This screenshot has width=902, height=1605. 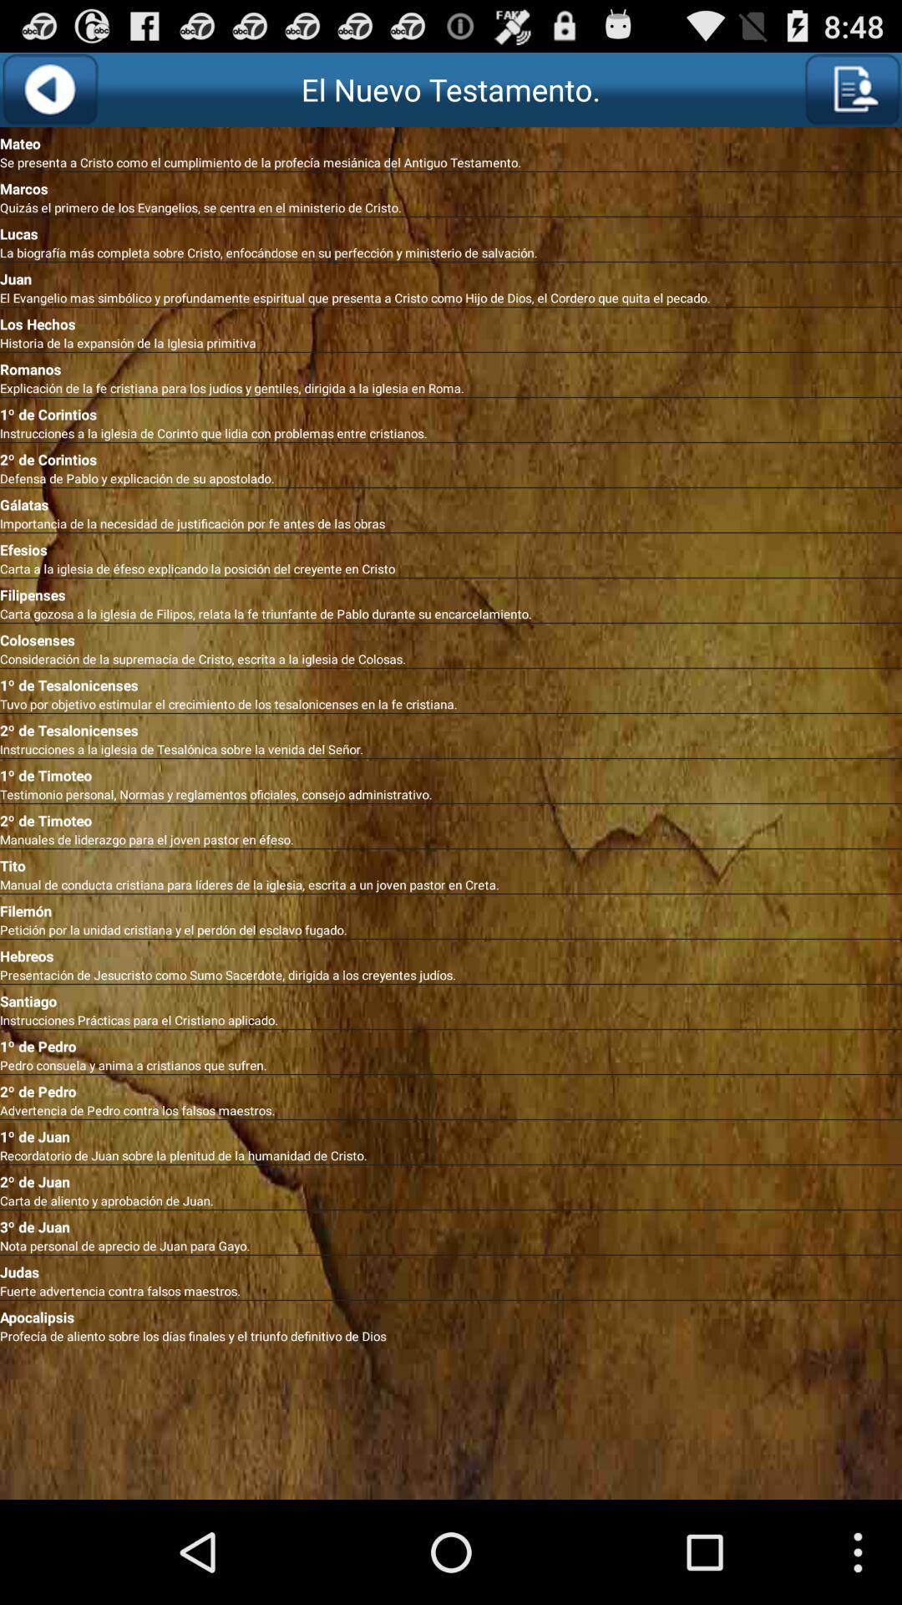 I want to click on icon above the efesios icon, so click(x=451, y=522).